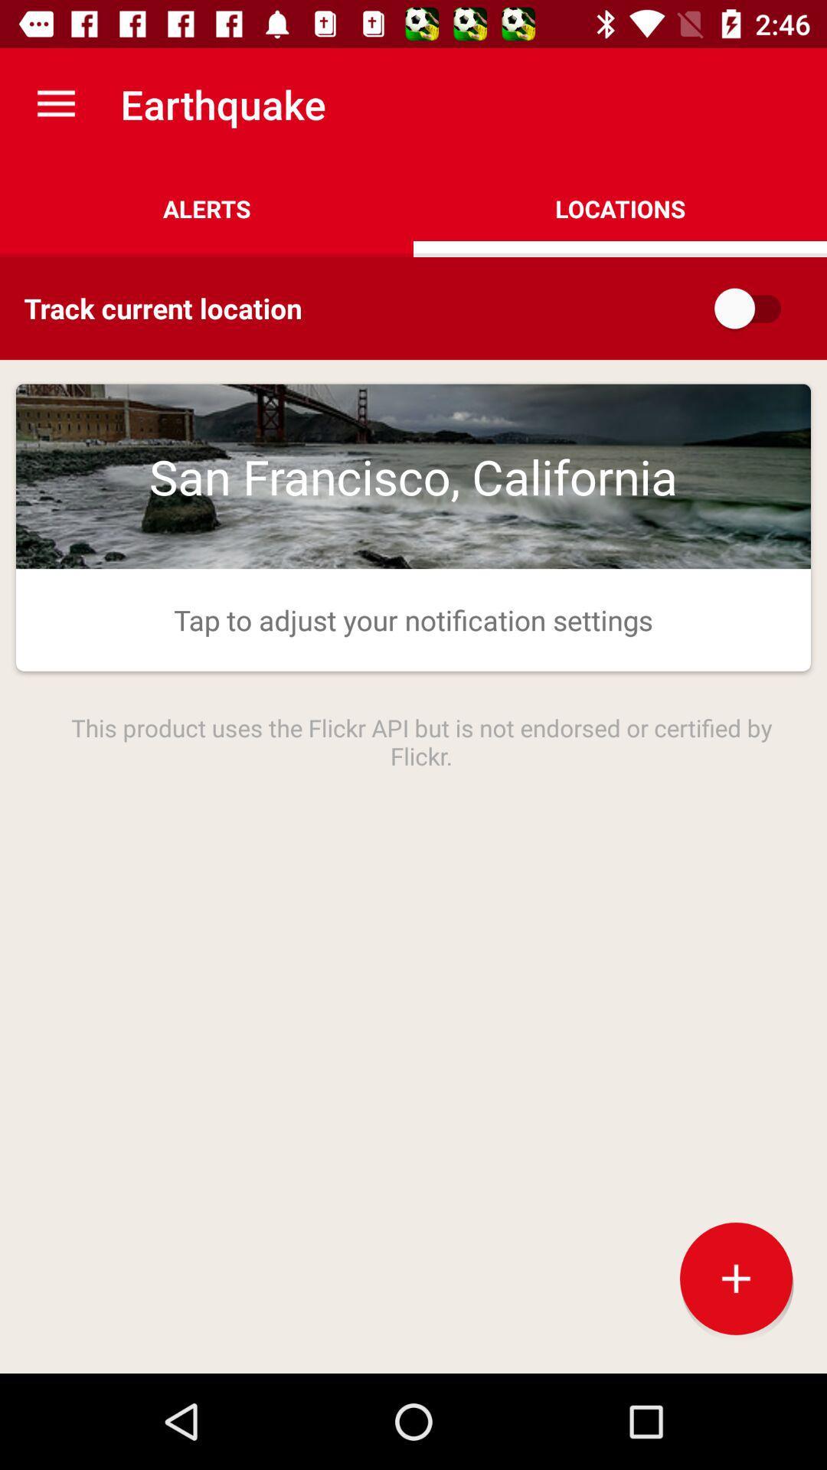 The width and height of the screenshot is (827, 1470). What do you see at coordinates (620, 208) in the screenshot?
I see `the icon to the right of the alerts item` at bounding box center [620, 208].